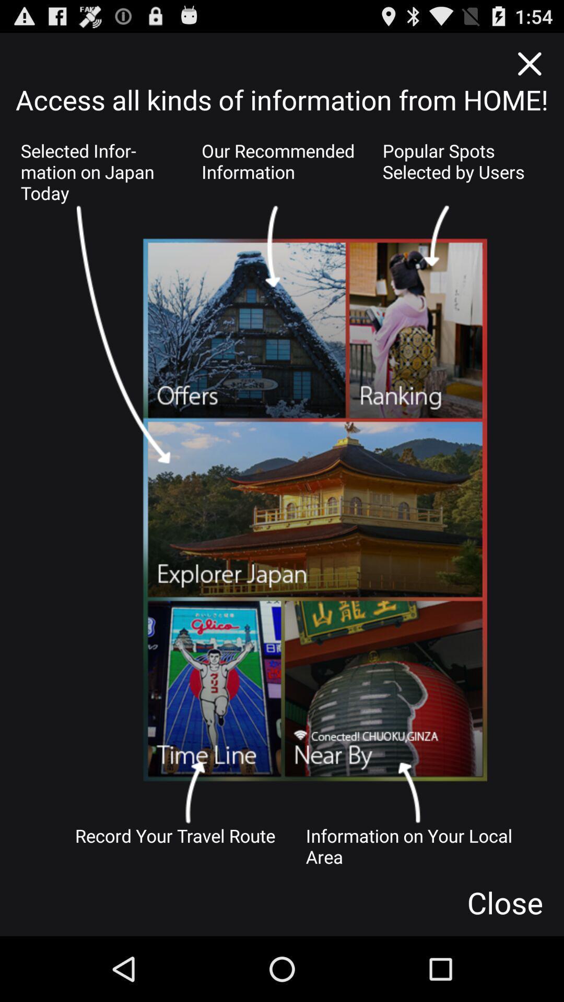  I want to click on the close, so click(504, 902).